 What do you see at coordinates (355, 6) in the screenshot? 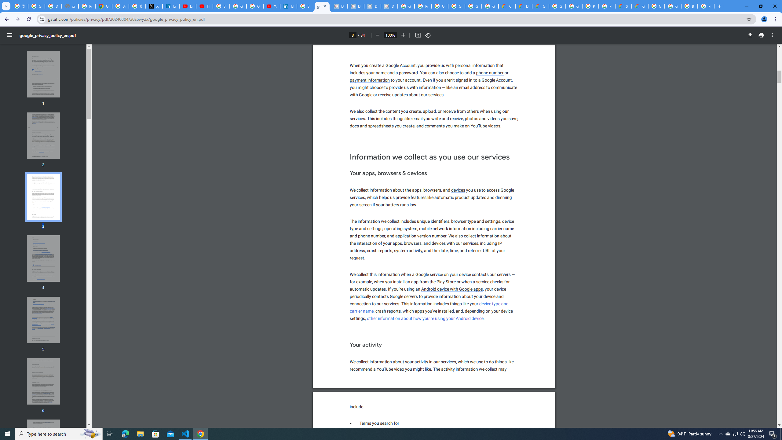
I see `'Data Privacy Framework'` at bounding box center [355, 6].